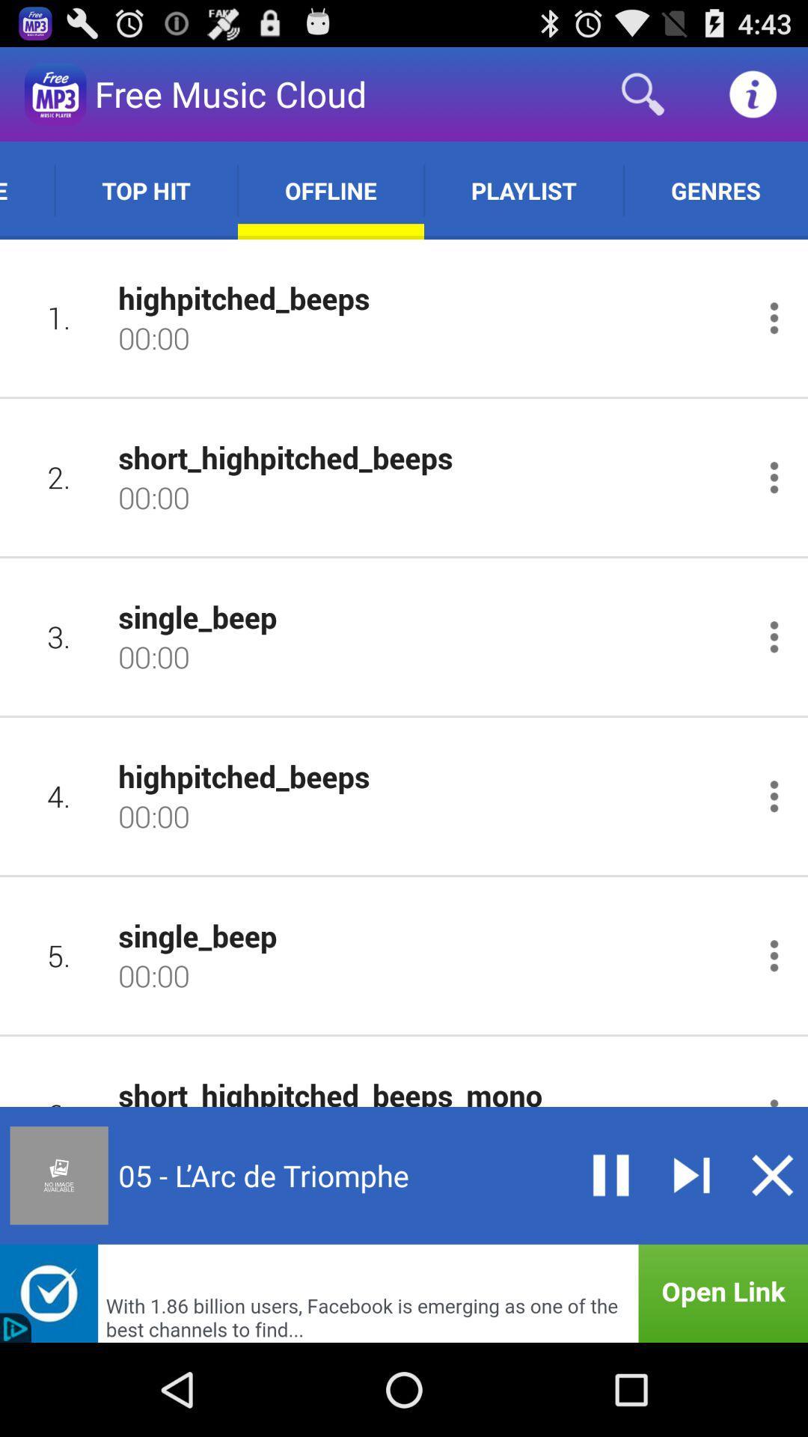 Image resolution: width=808 pixels, height=1437 pixels. I want to click on the icon above the genres icon, so click(753, 93).